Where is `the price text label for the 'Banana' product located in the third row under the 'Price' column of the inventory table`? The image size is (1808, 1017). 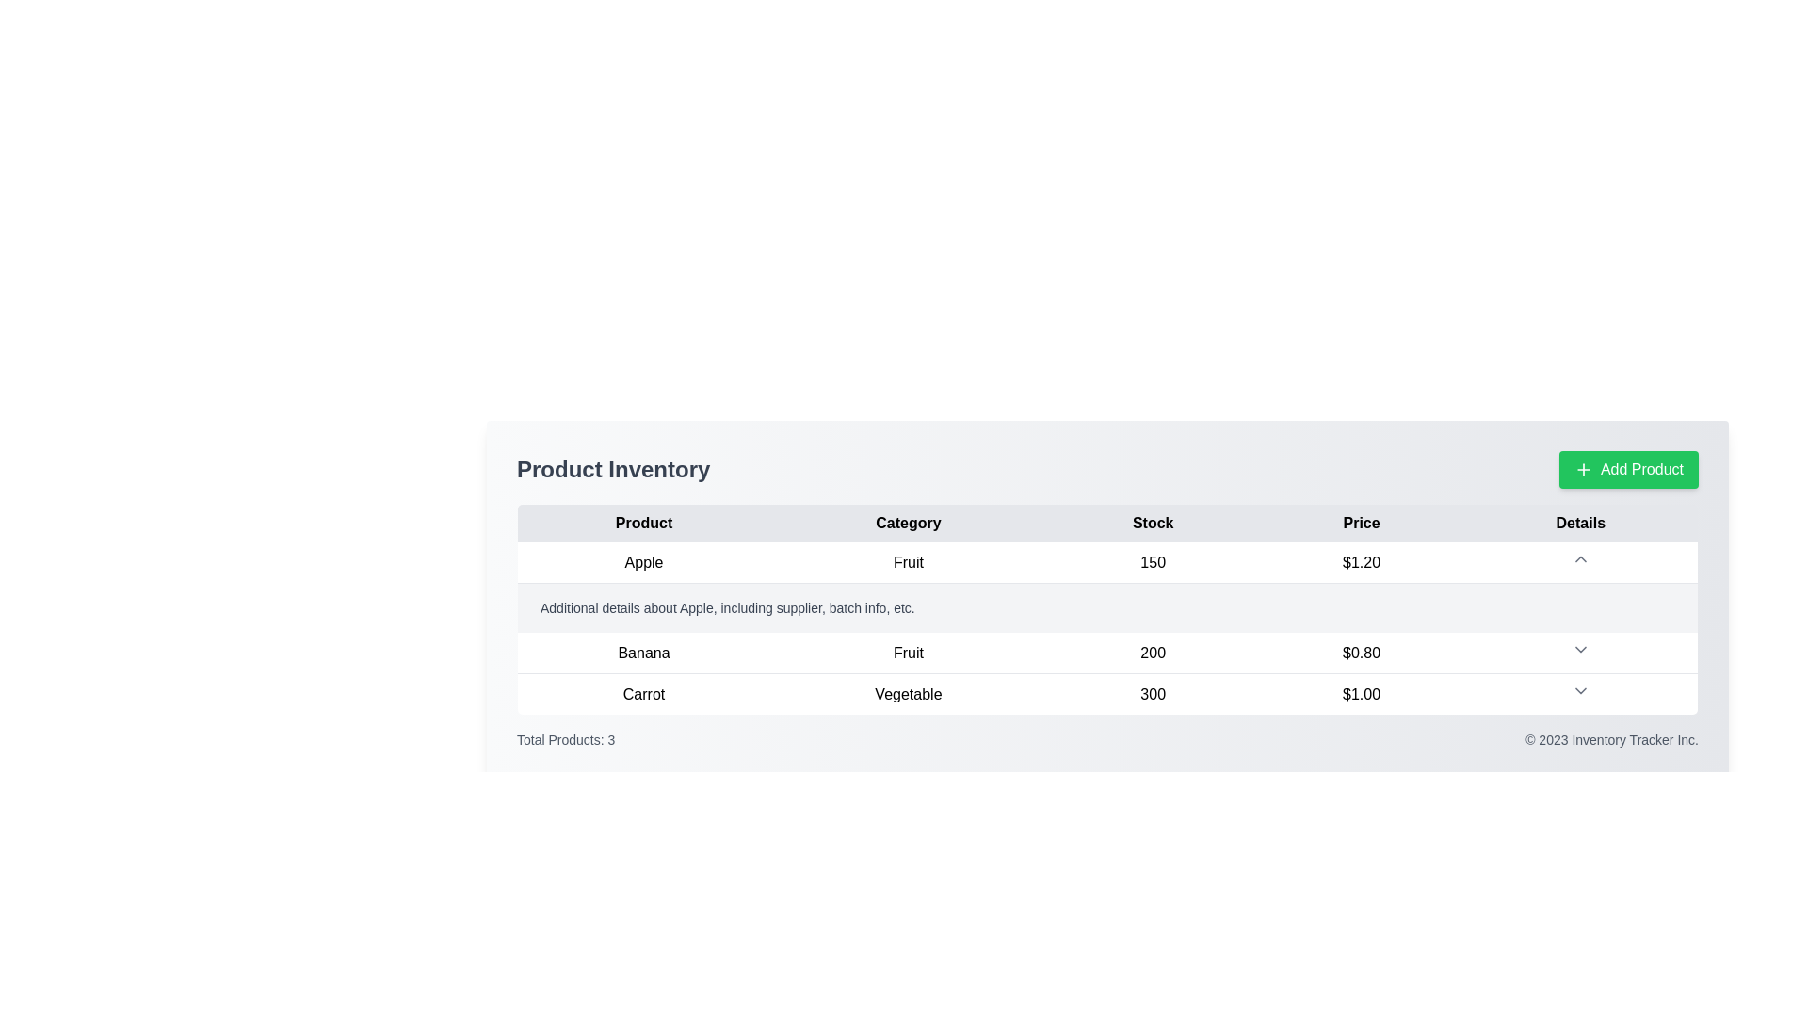 the price text label for the 'Banana' product located in the third row under the 'Price' column of the inventory table is located at coordinates (1362, 652).